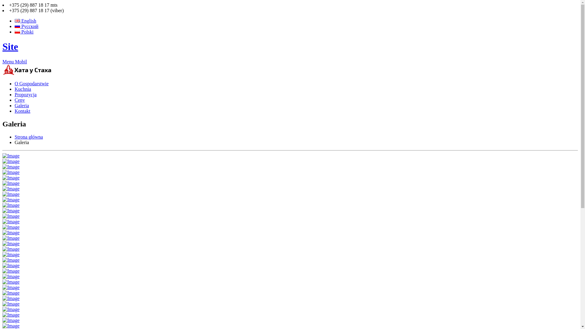 Image resolution: width=585 pixels, height=329 pixels. I want to click on 'Propozycja', so click(25, 94).